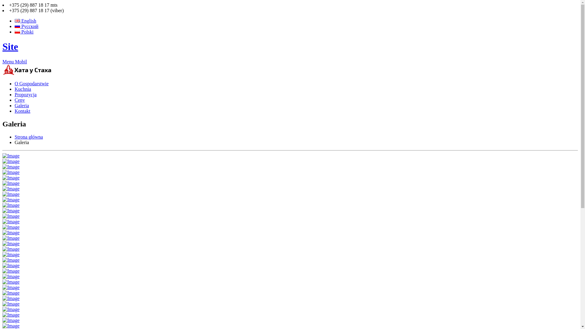 Image resolution: width=585 pixels, height=329 pixels. I want to click on 'Propozycja', so click(25, 94).